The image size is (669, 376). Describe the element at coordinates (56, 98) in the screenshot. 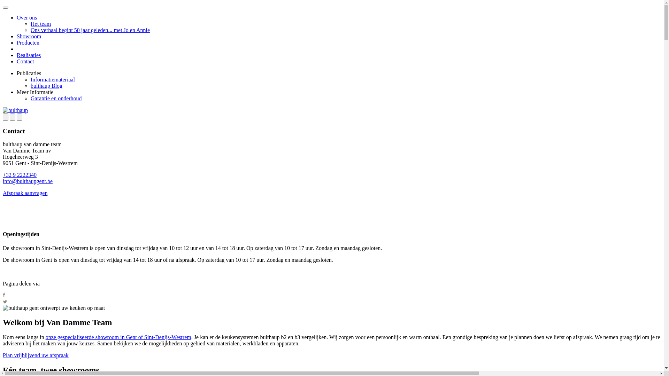

I see `'Garantie en onderhoud'` at that location.